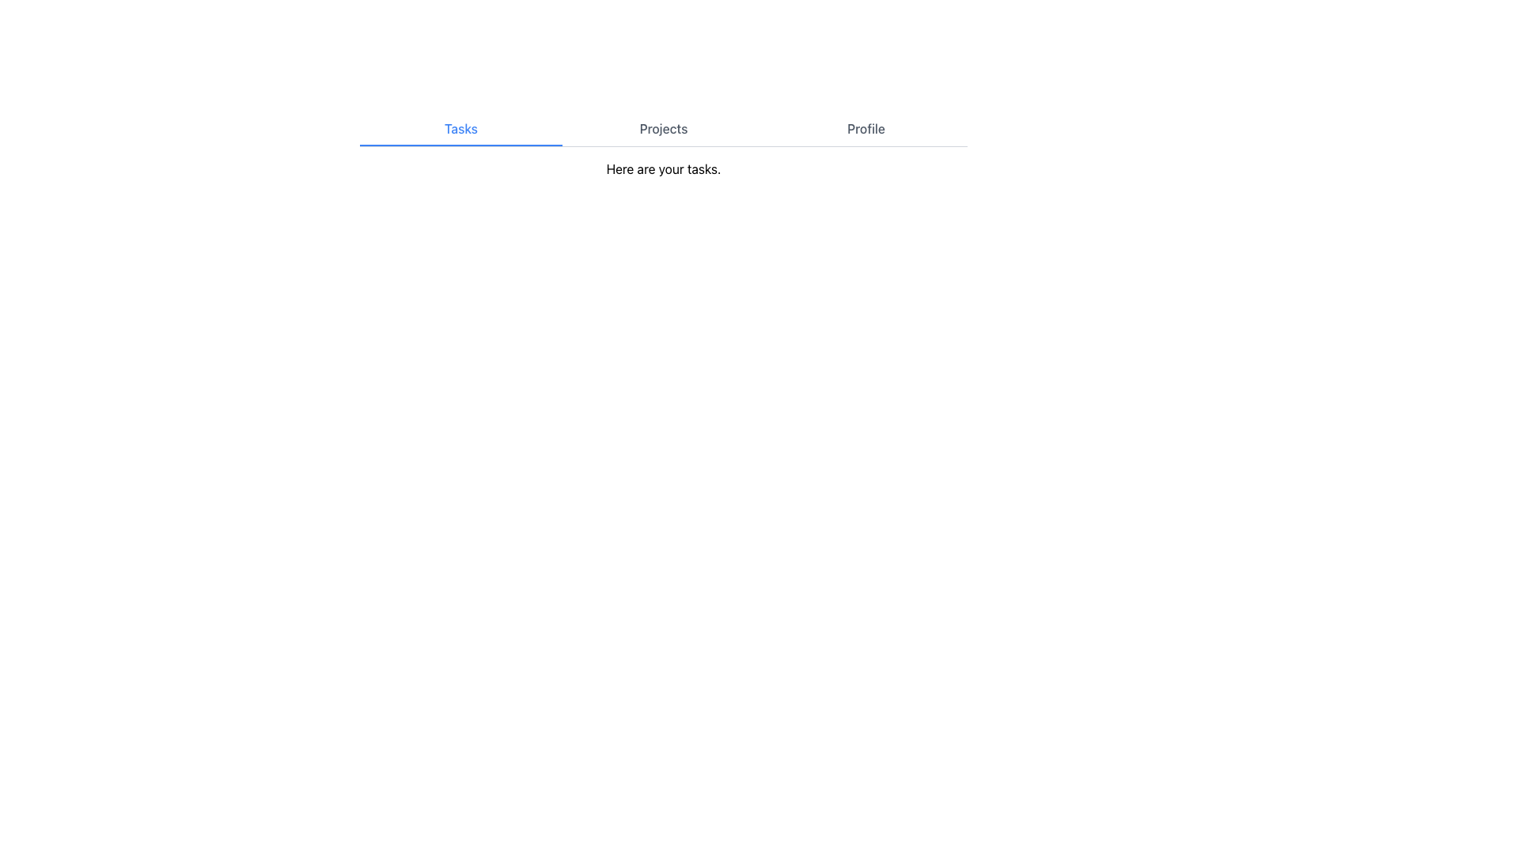  What do you see at coordinates (460, 129) in the screenshot?
I see `the 'Tasks' navigation tab located at the top of the interface` at bounding box center [460, 129].